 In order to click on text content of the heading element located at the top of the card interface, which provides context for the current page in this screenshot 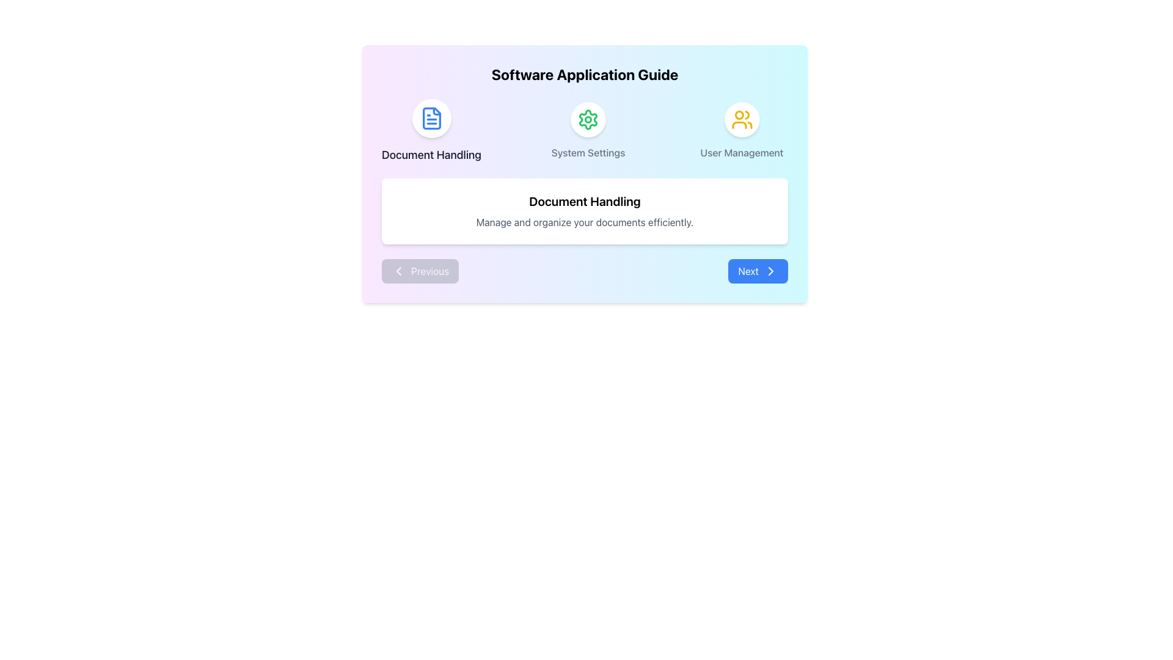, I will do `click(584, 75)`.